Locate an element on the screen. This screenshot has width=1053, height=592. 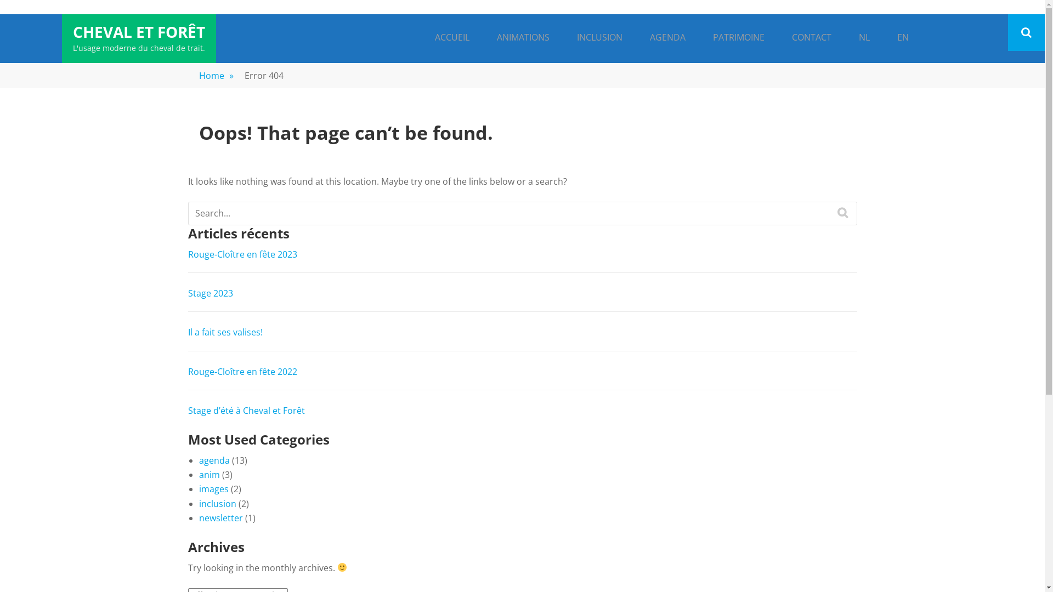
'ANIMATIONS' is located at coordinates (522, 37).